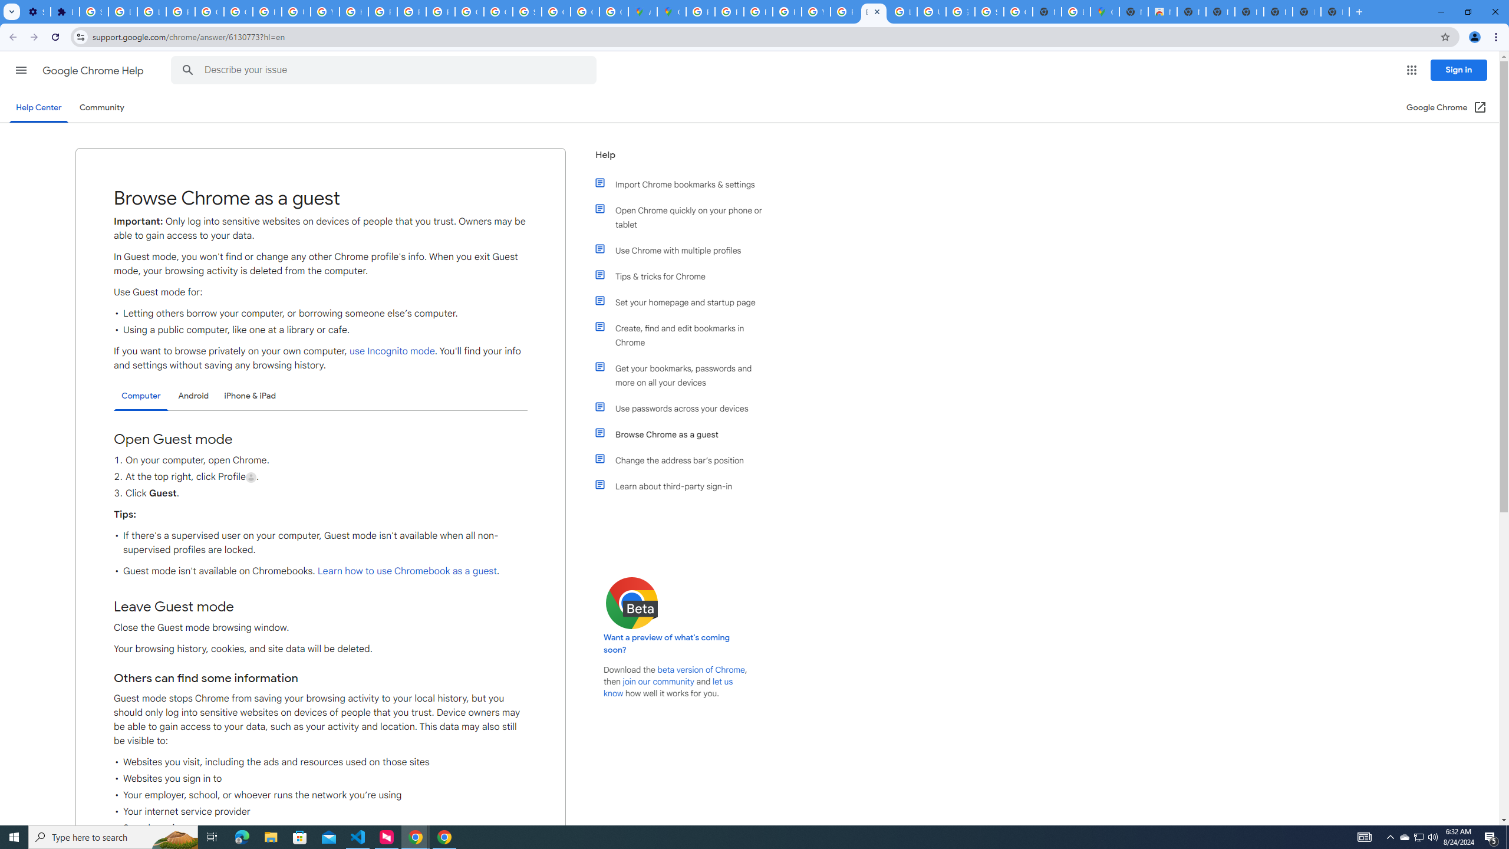 The image size is (1509, 849). I want to click on 'Google Chrome (Open in a new window)', so click(1447, 107).